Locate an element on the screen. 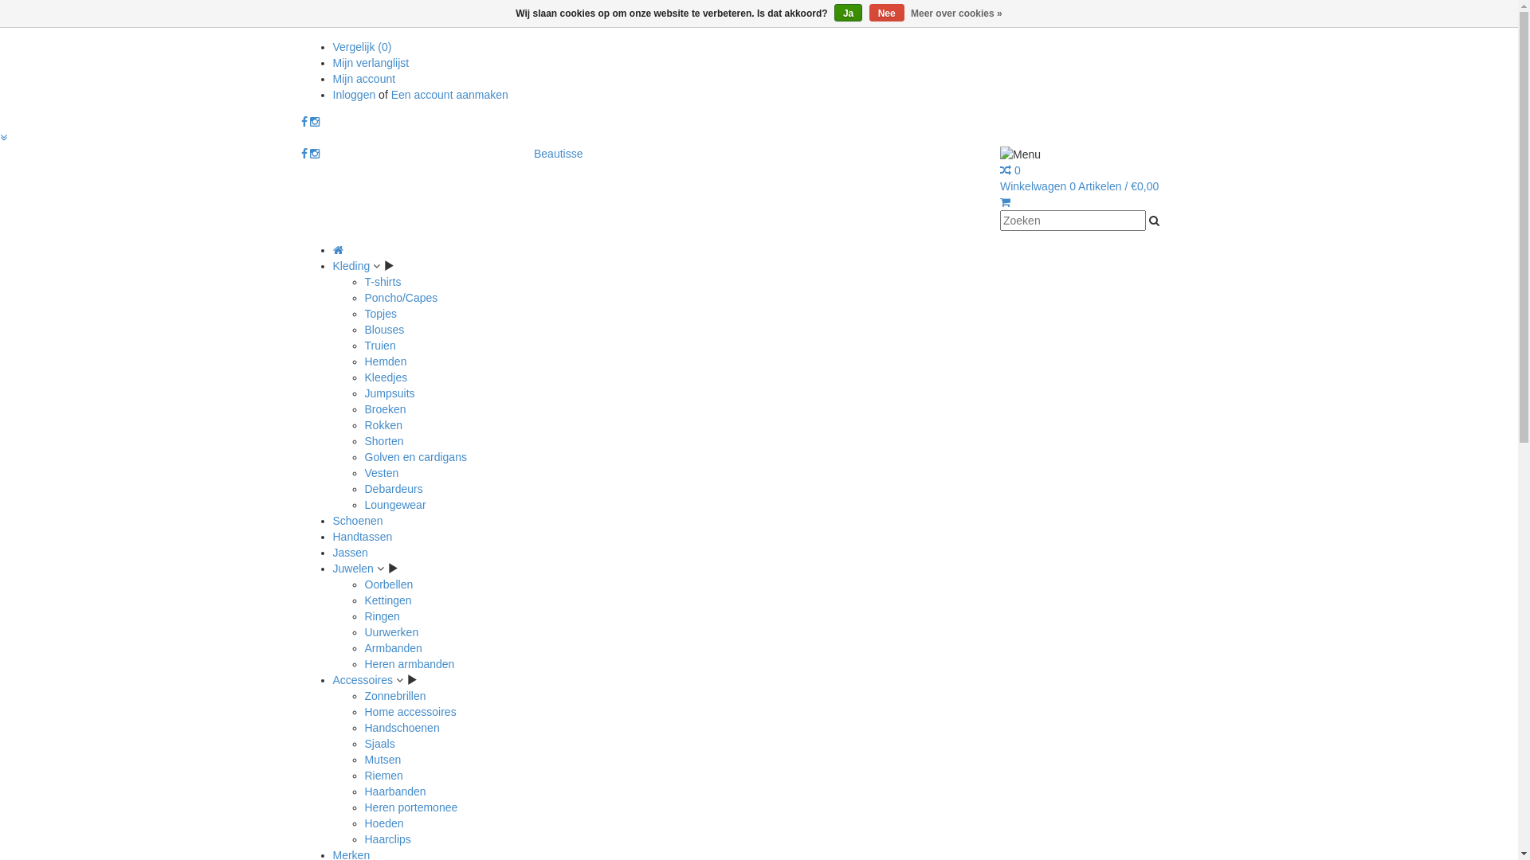 The height and width of the screenshot is (860, 1530). 'Golven en cardigans' is located at coordinates (416, 457).